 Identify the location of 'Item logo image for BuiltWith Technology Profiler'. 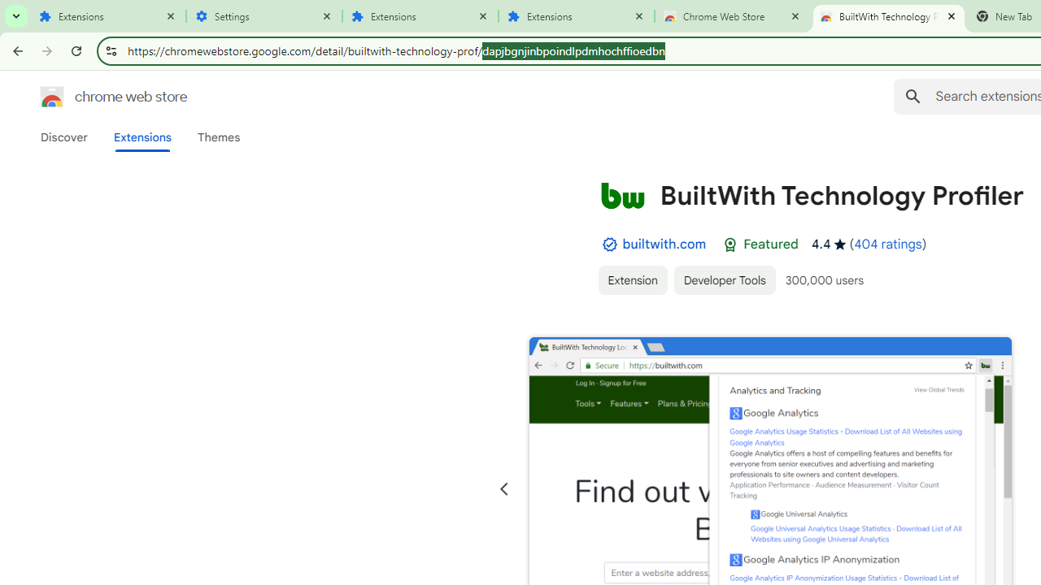
(621, 194).